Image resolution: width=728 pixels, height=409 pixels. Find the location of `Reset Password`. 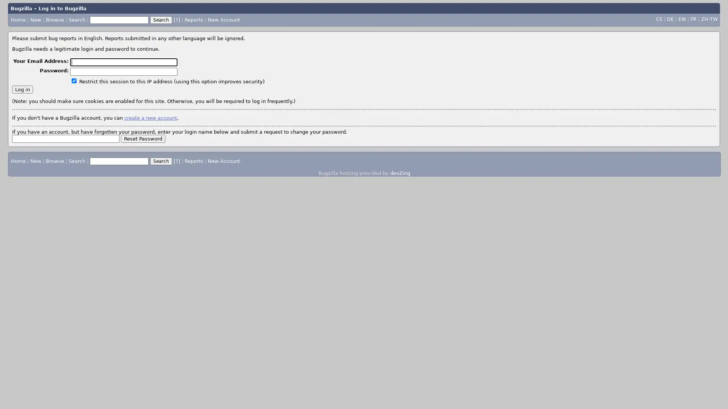

Reset Password is located at coordinates (143, 138).